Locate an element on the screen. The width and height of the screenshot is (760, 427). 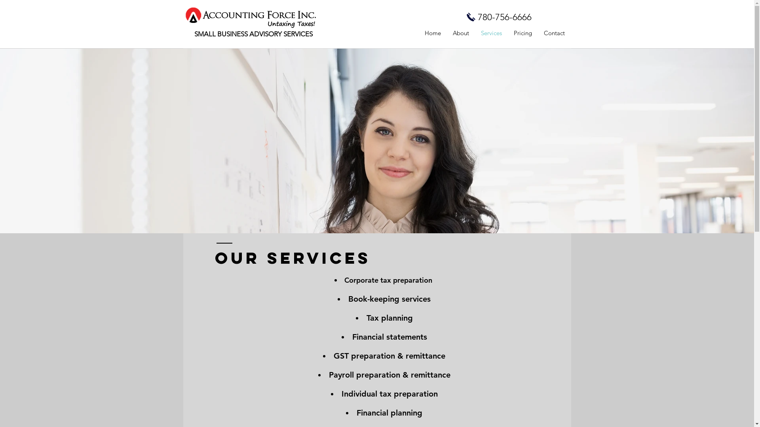
'Home' is located at coordinates (432, 33).